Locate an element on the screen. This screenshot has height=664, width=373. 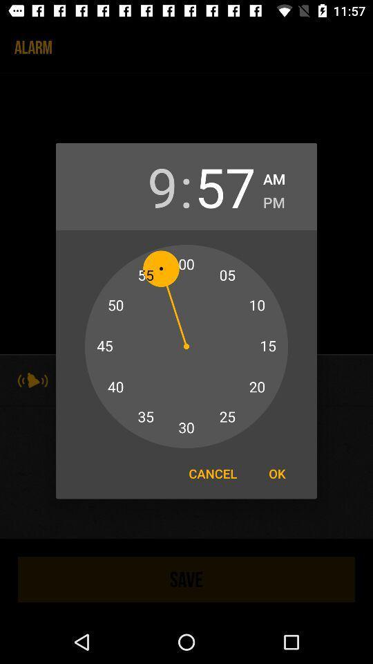
the item to the right of 57 item is located at coordinates (274, 176).